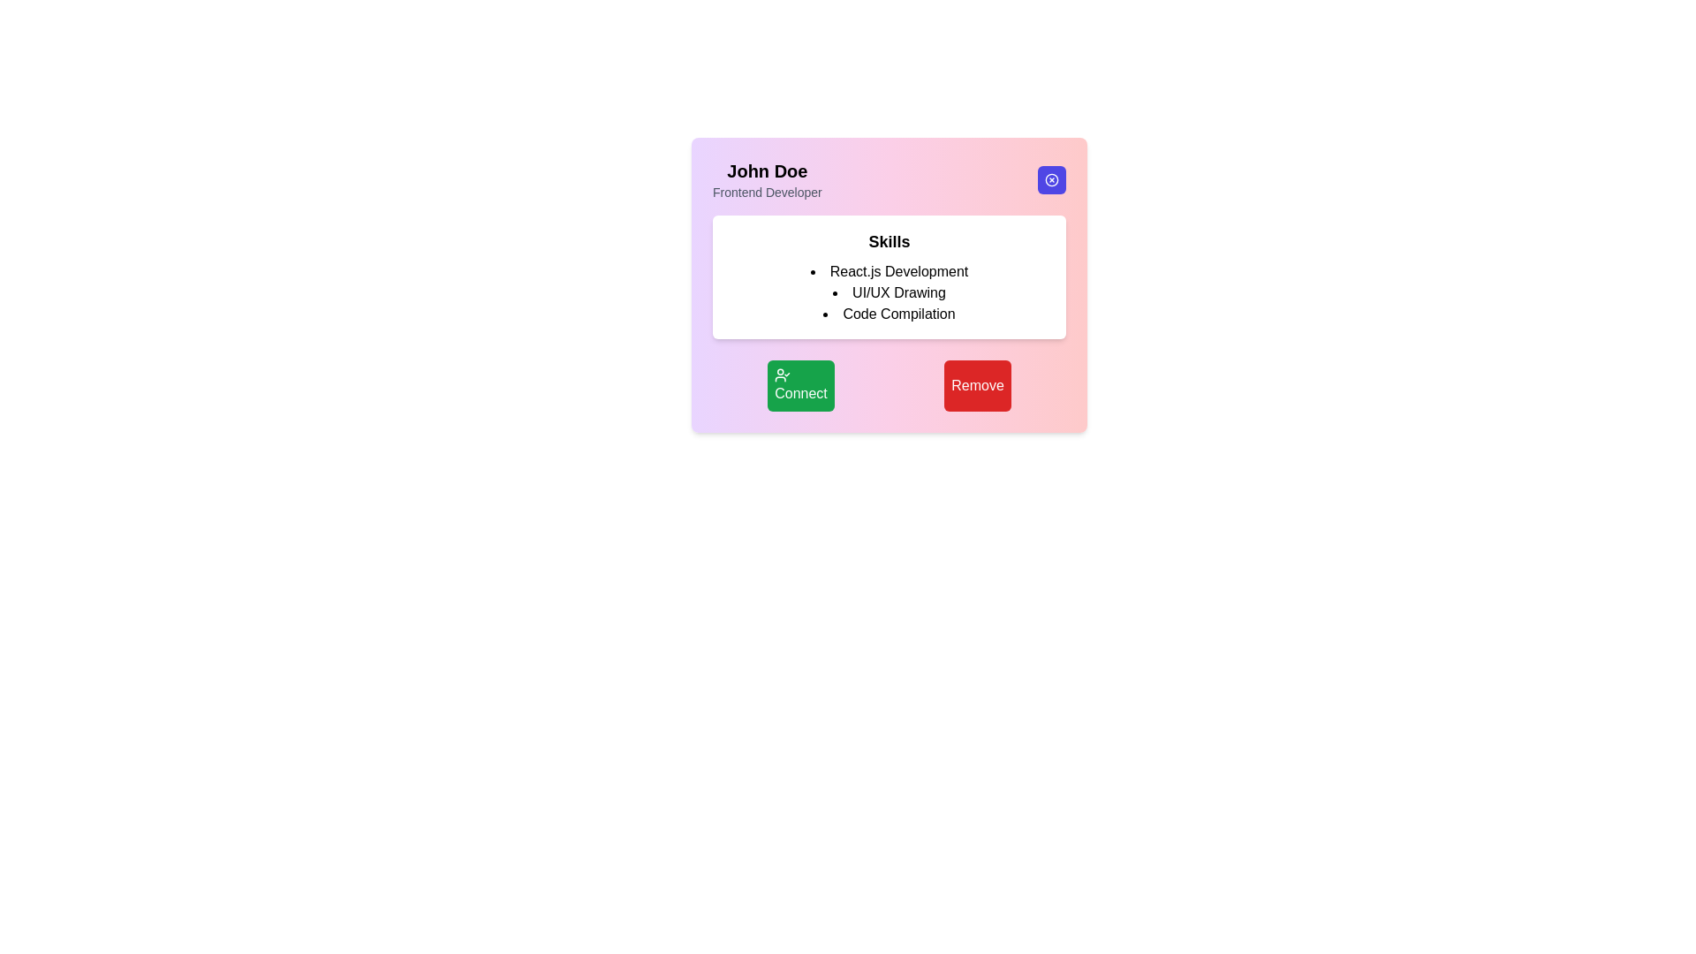 The width and height of the screenshot is (1696, 954). Describe the element at coordinates (890, 291) in the screenshot. I see `the text item 'UI/UX Drawing' in the bullet-pointed list, which is the second item under the 'Skills' section` at that location.